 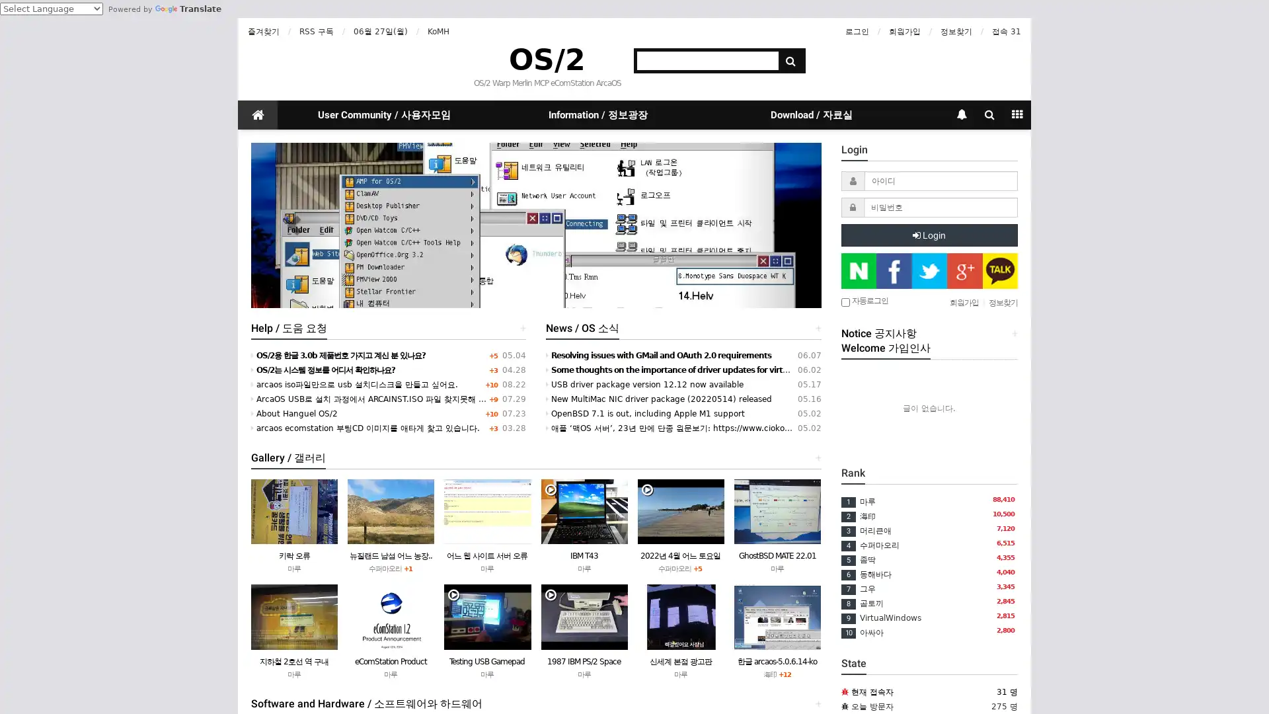 I want to click on Login, so click(x=929, y=234).